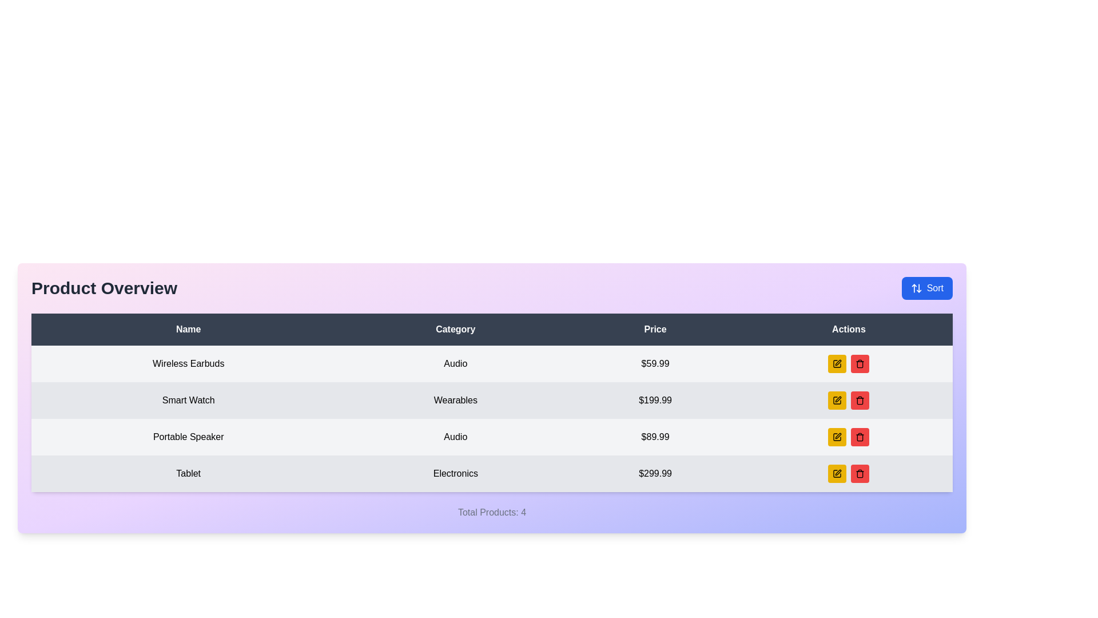 This screenshot has height=618, width=1098. What do you see at coordinates (837, 474) in the screenshot?
I see `the yellow rectangular button with a pen icon in the Actions column` at bounding box center [837, 474].